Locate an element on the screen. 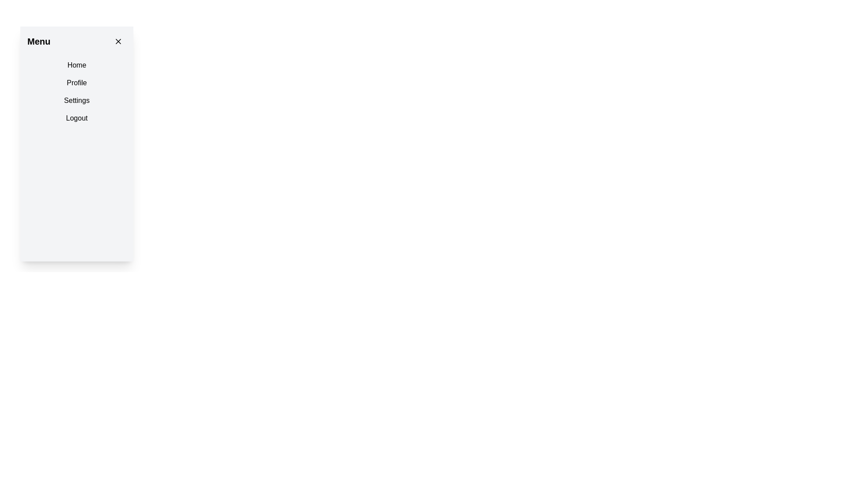 The width and height of the screenshot is (848, 477). the Close Button located in the top-right corner of the menu panel is located at coordinates (118, 41).